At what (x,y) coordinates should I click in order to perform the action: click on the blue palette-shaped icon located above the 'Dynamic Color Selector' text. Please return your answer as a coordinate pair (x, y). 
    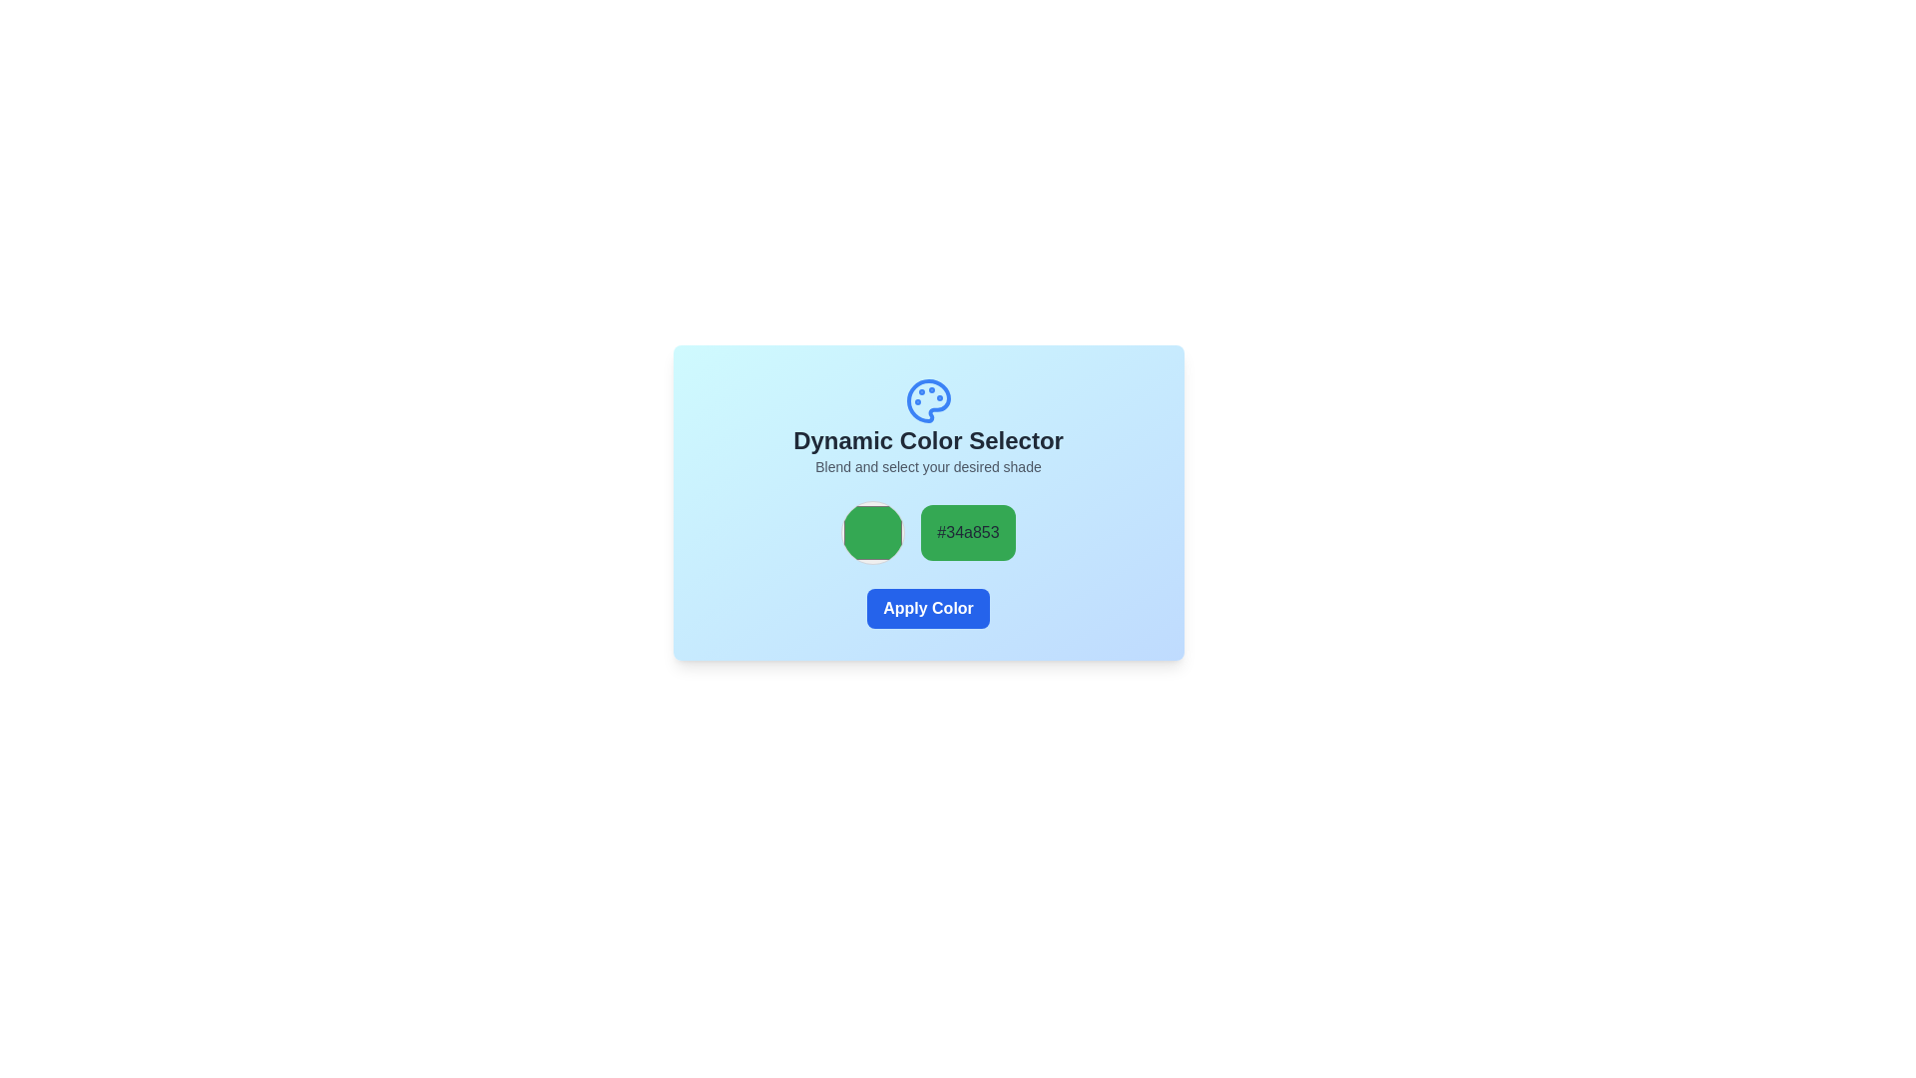
    Looking at the image, I should click on (927, 400).